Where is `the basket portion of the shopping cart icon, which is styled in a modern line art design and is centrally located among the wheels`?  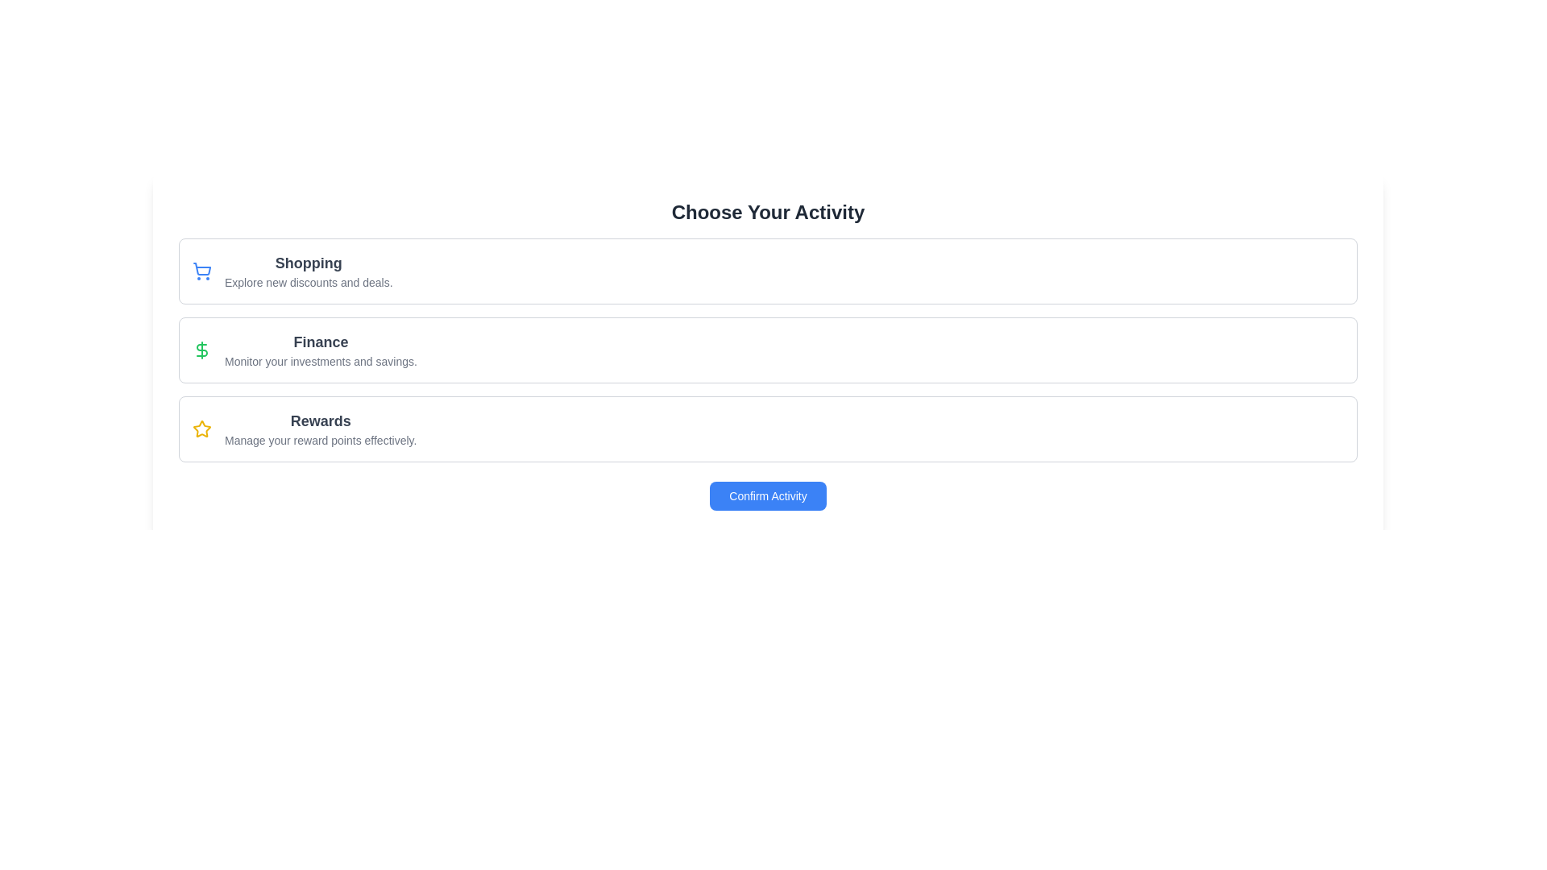
the basket portion of the shopping cart icon, which is styled in a modern line art design and is centrally located among the wheels is located at coordinates (201, 268).